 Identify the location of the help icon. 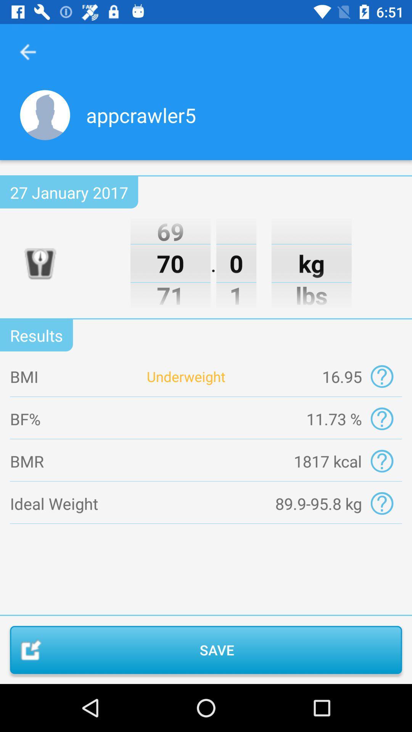
(382, 461).